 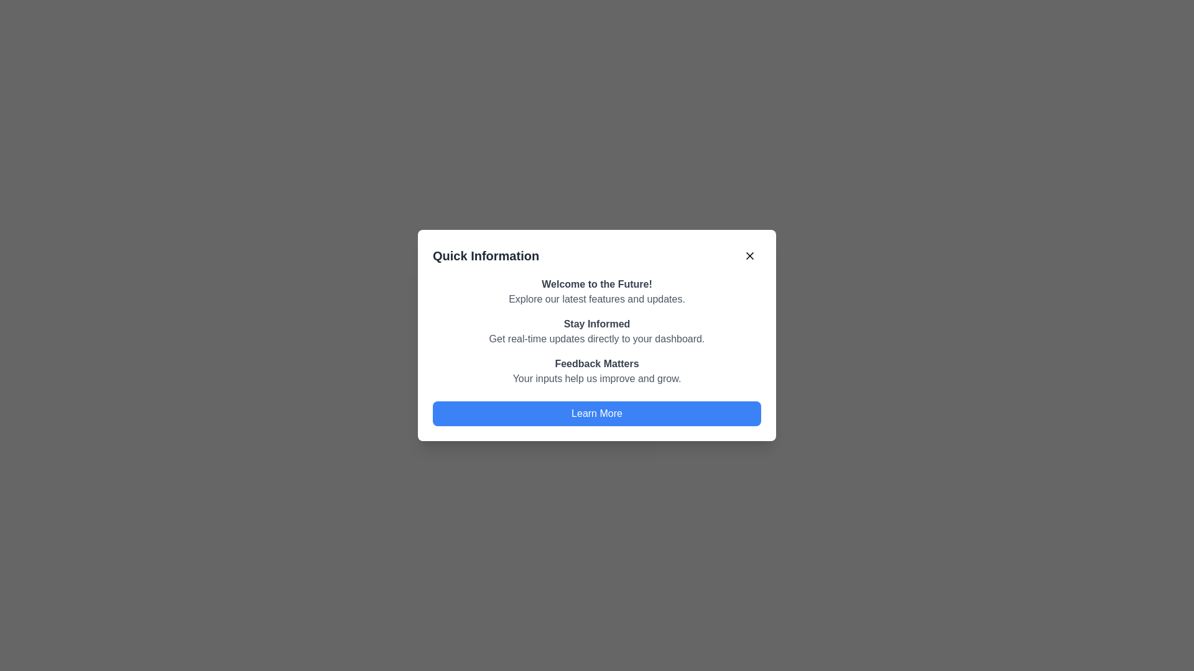 I want to click on the Close icon (SVG element with a cross) located at the top right corner of the modal window, adjacent to the title text labeled 'Quick Information', so click(x=749, y=255).